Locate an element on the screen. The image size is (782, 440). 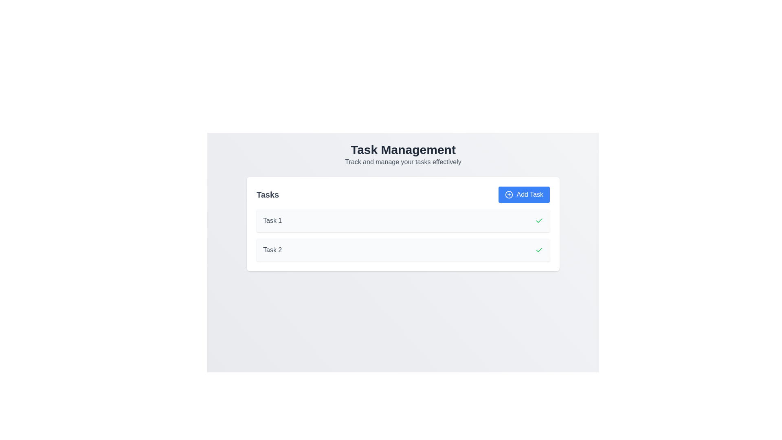
the 'Task Management' text label, which is displayed in a large, bold font and is centered at the top of the visible content area is located at coordinates (403, 150).